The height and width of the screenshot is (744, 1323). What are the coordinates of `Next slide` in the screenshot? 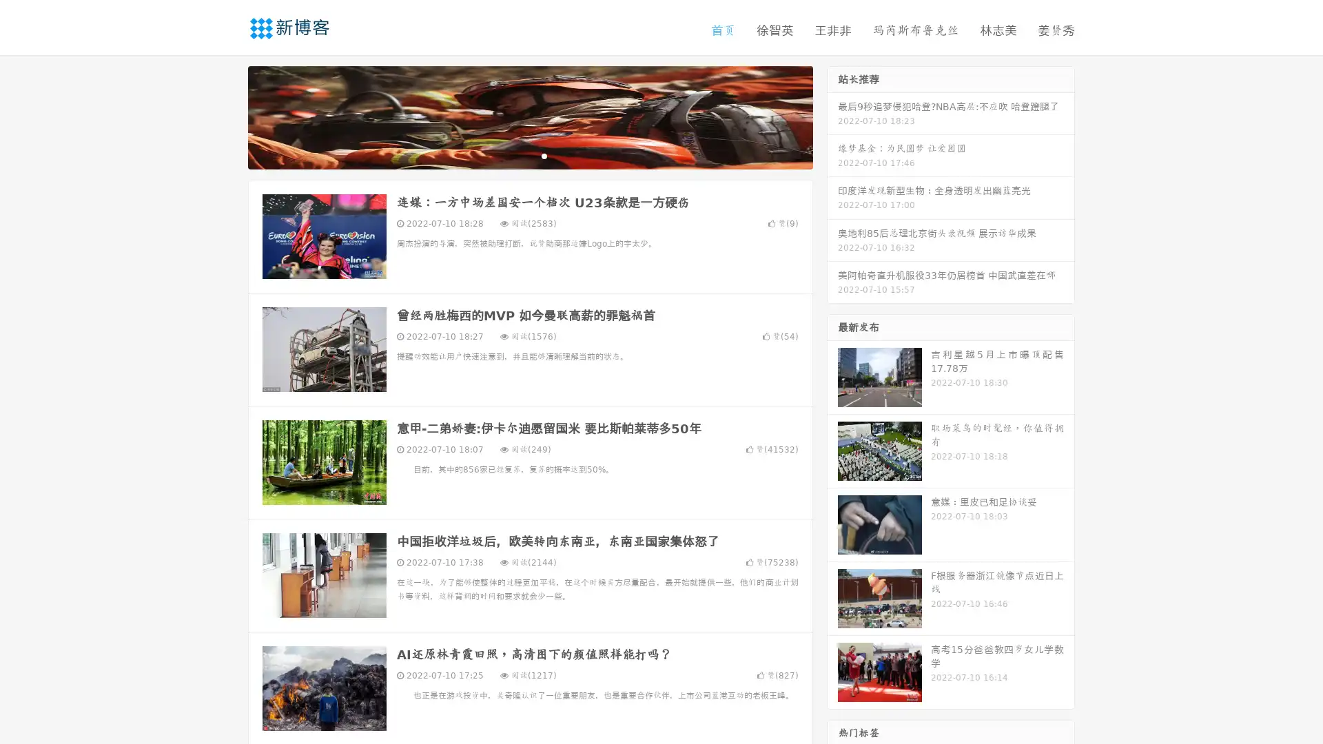 It's located at (832, 116).